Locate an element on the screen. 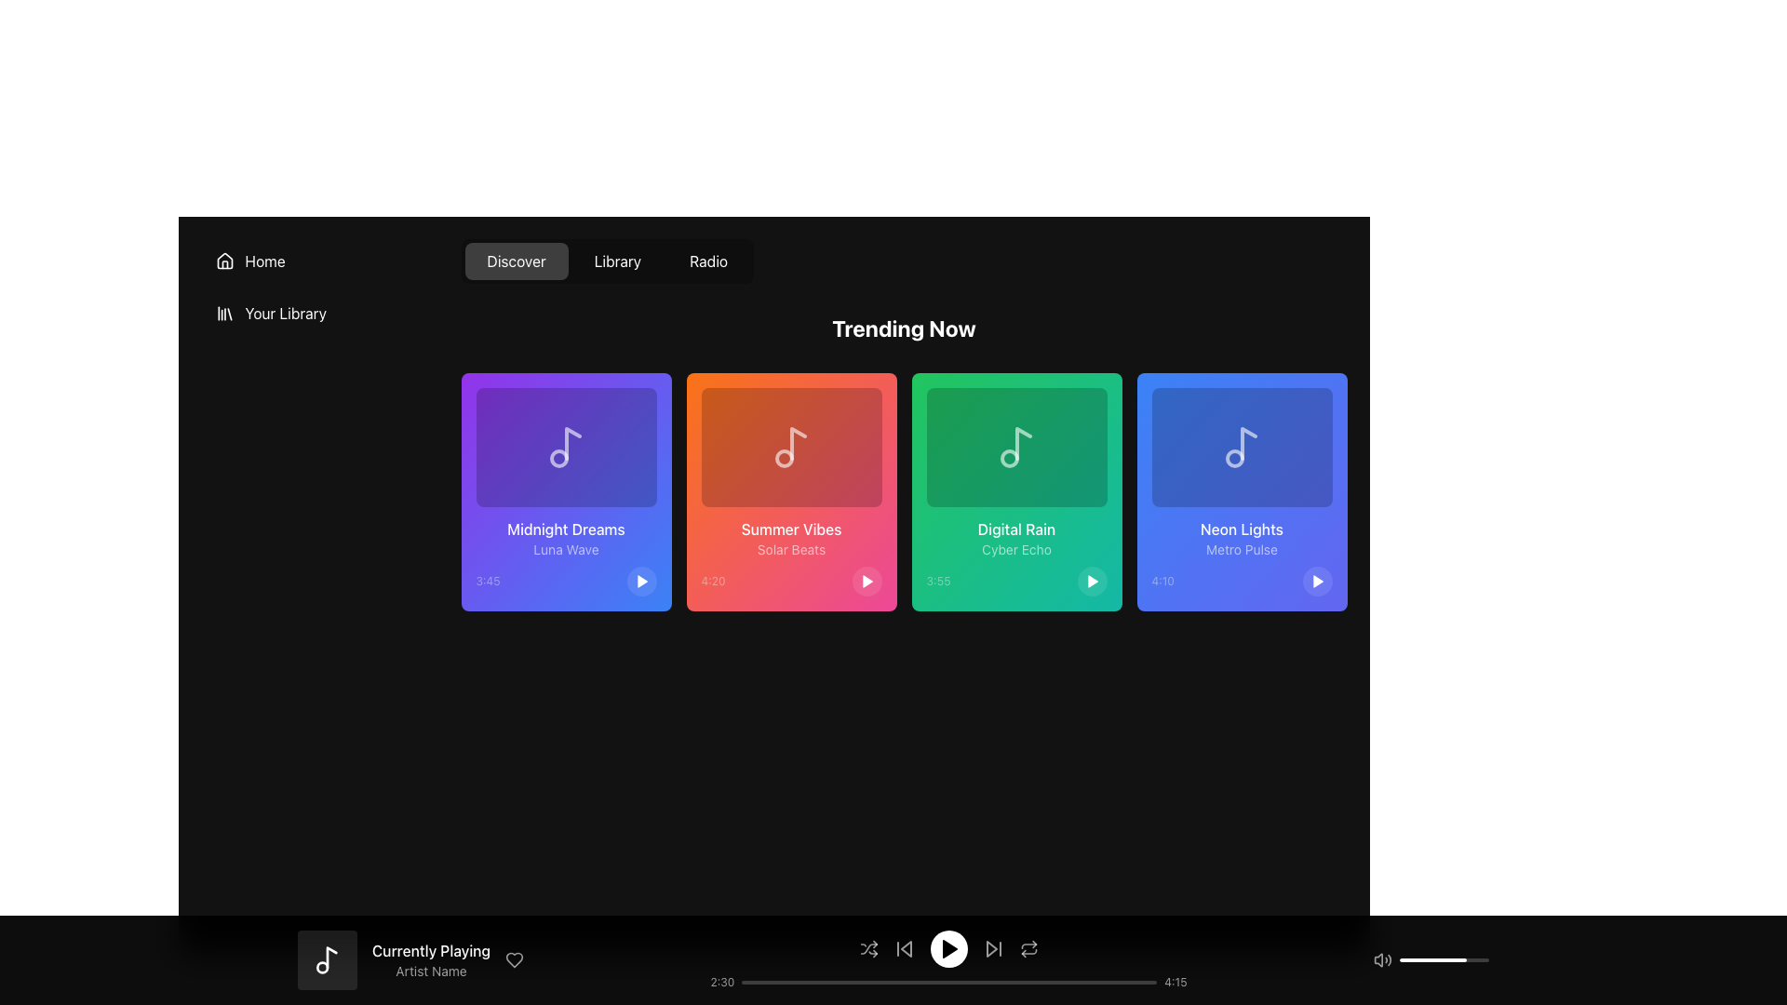 Image resolution: width=1787 pixels, height=1005 pixels. the navigation button located in the sidebar, directly beneath the top navigation panel is located at coordinates (319, 261).